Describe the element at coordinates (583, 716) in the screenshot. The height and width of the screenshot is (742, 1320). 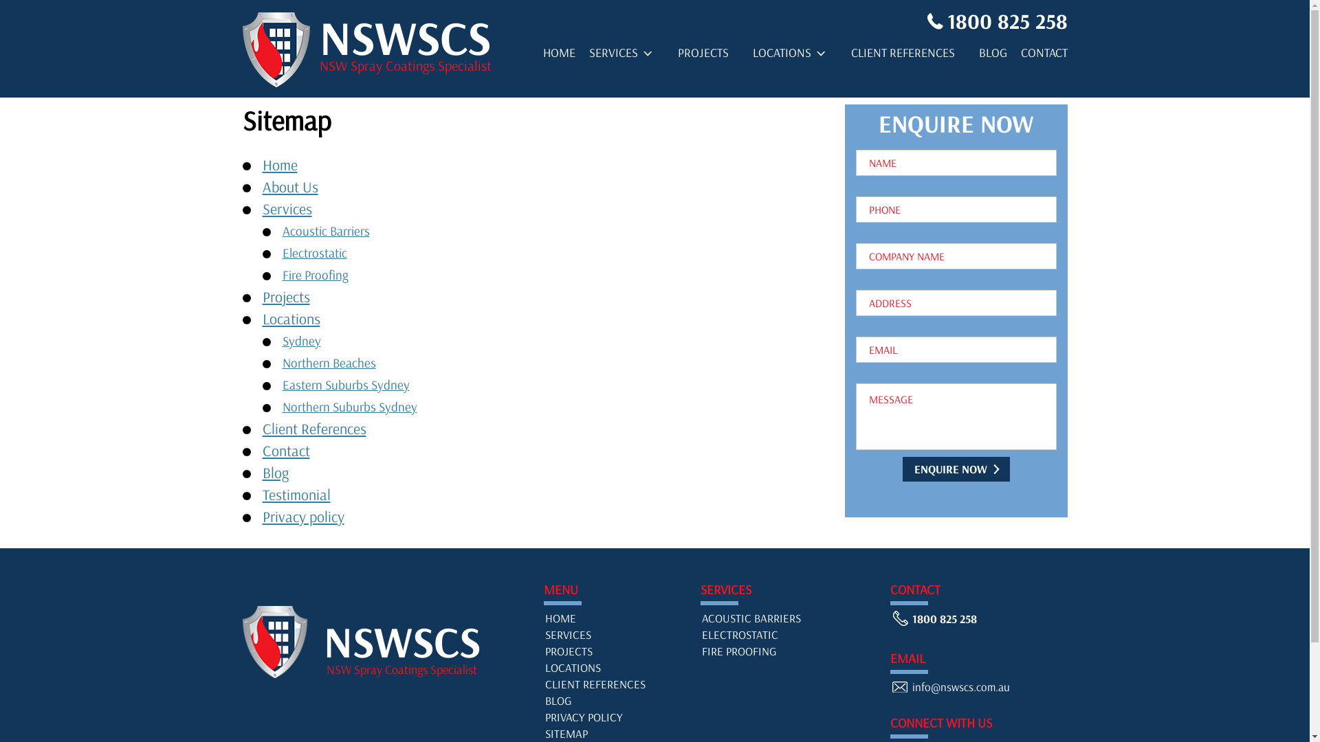
I see `'PRIVACY POLICY'` at that location.